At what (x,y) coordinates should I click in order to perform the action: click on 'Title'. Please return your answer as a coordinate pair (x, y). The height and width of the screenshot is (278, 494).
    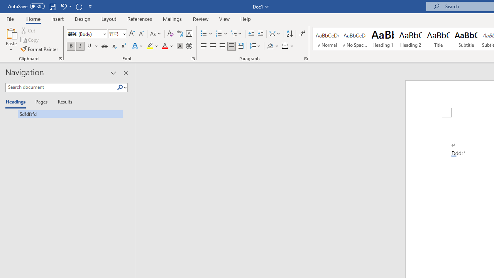
    Looking at the image, I should click on (438, 39).